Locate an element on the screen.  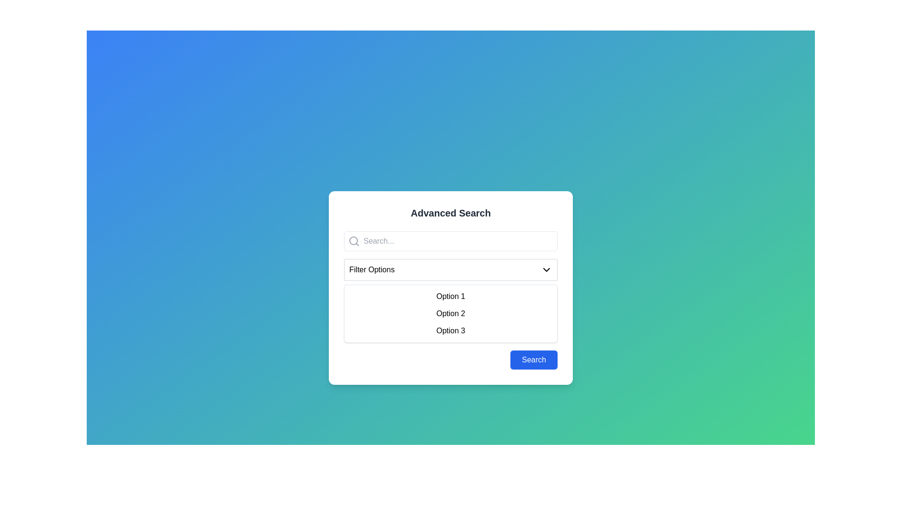
the selectable text label at the bottom of the 'Filter Options' panel for visual feedback is located at coordinates (450, 330).